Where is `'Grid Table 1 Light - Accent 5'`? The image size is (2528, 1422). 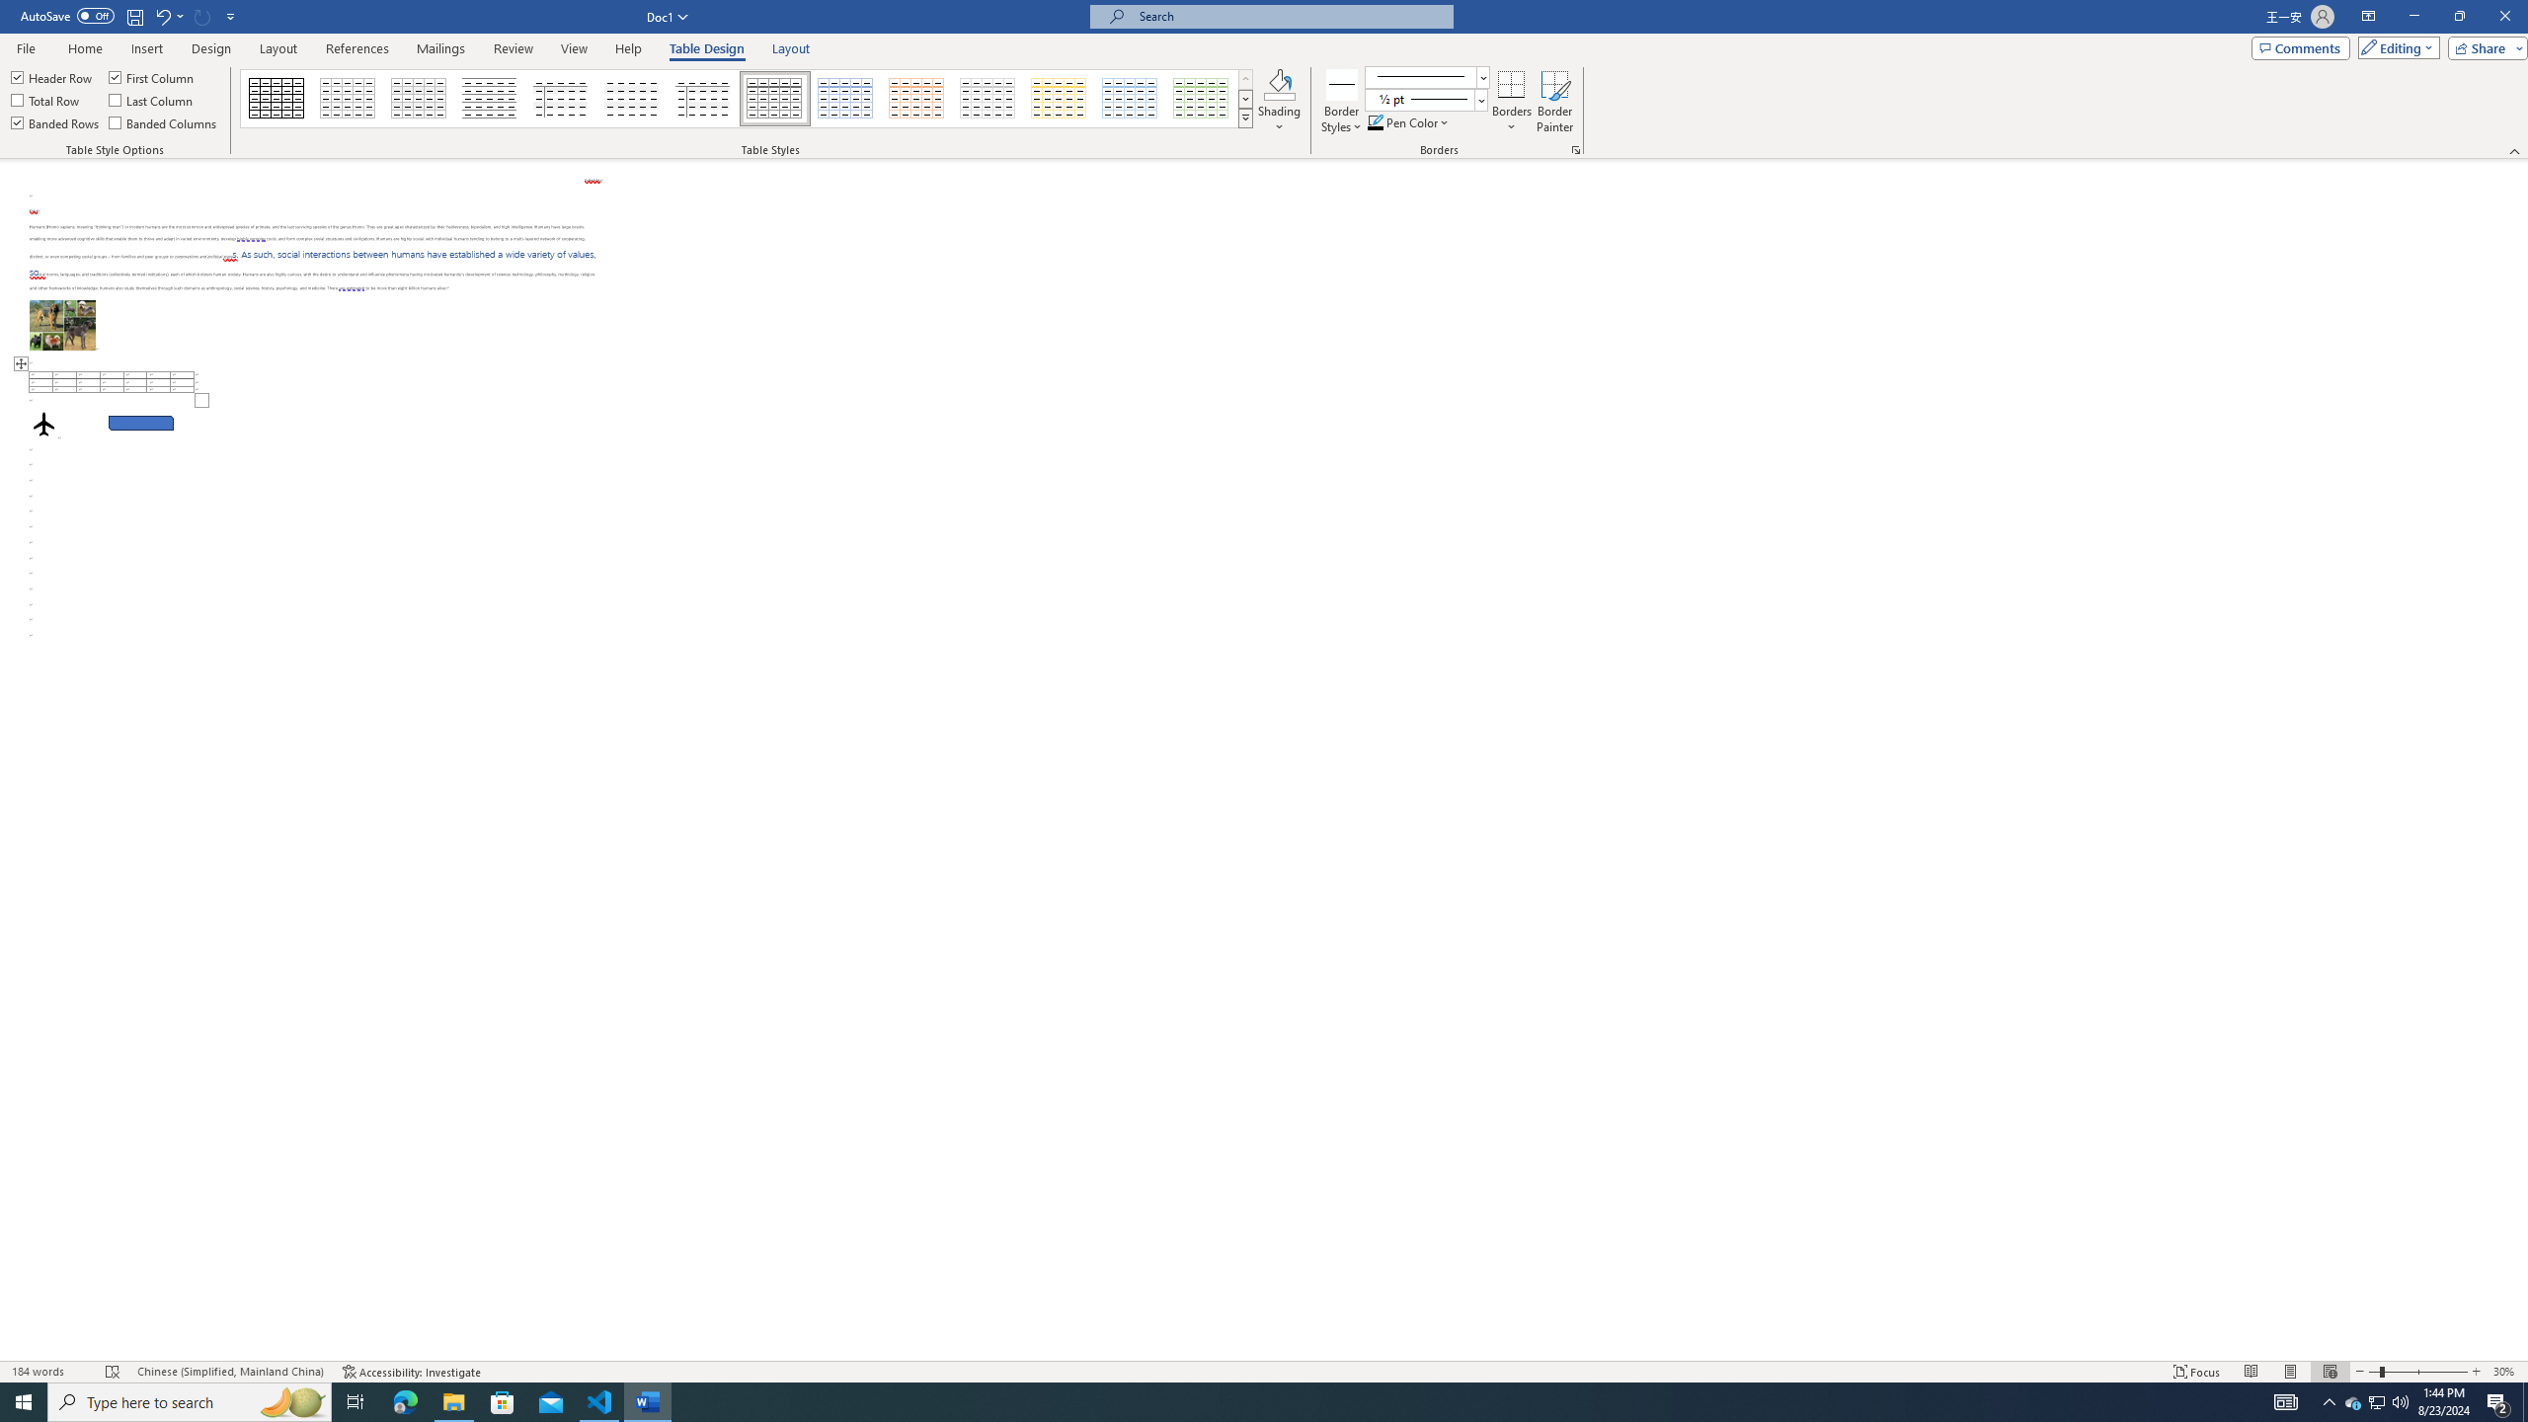
'Grid Table 1 Light - Accent 5' is located at coordinates (1130, 98).